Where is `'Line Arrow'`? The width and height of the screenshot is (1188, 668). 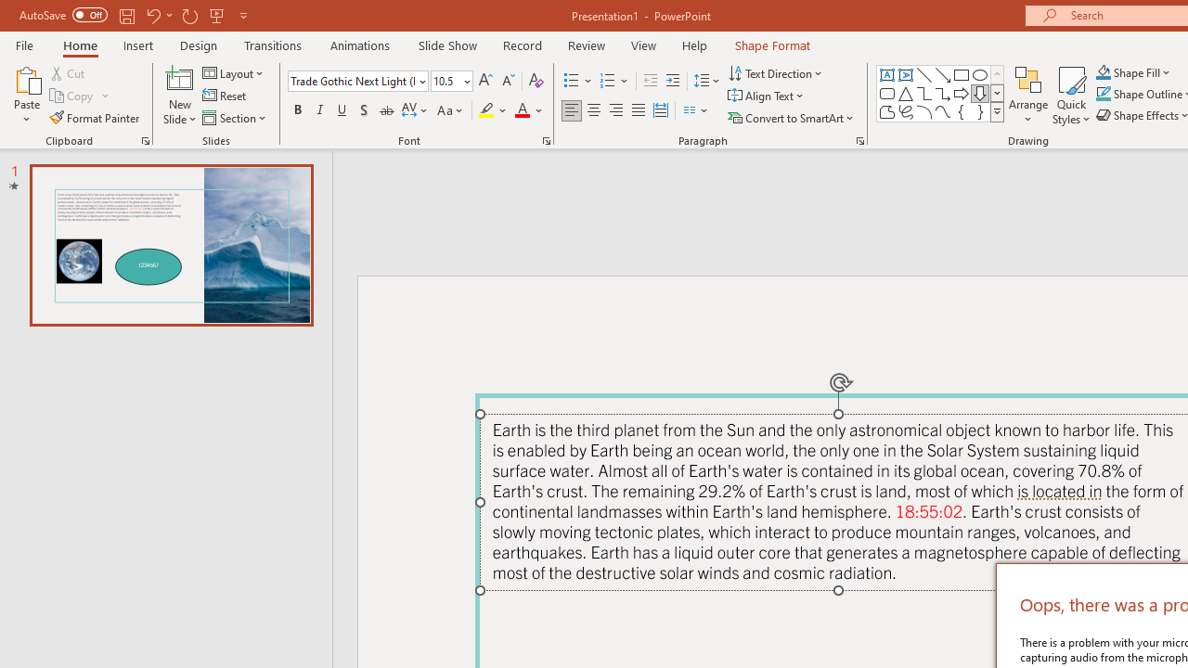 'Line Arrow' is located at coordinates (943, 74).